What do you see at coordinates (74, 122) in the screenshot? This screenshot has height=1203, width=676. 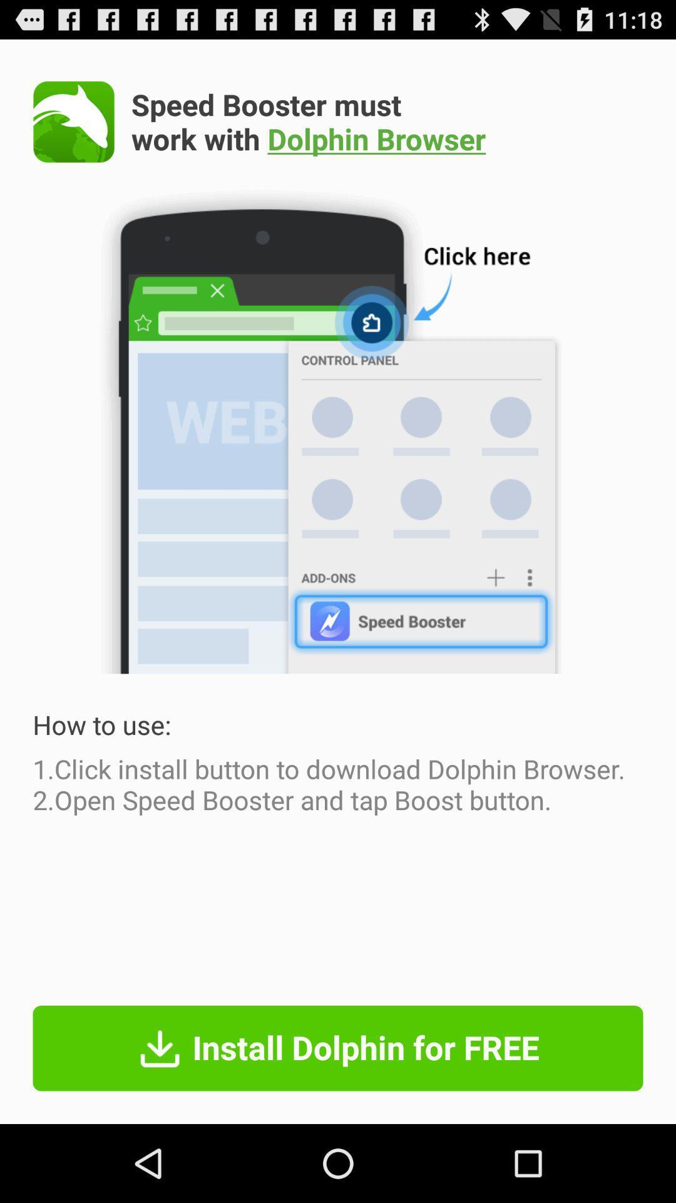 I see `see information about dolphin browser` at bounding box center [74, 122].